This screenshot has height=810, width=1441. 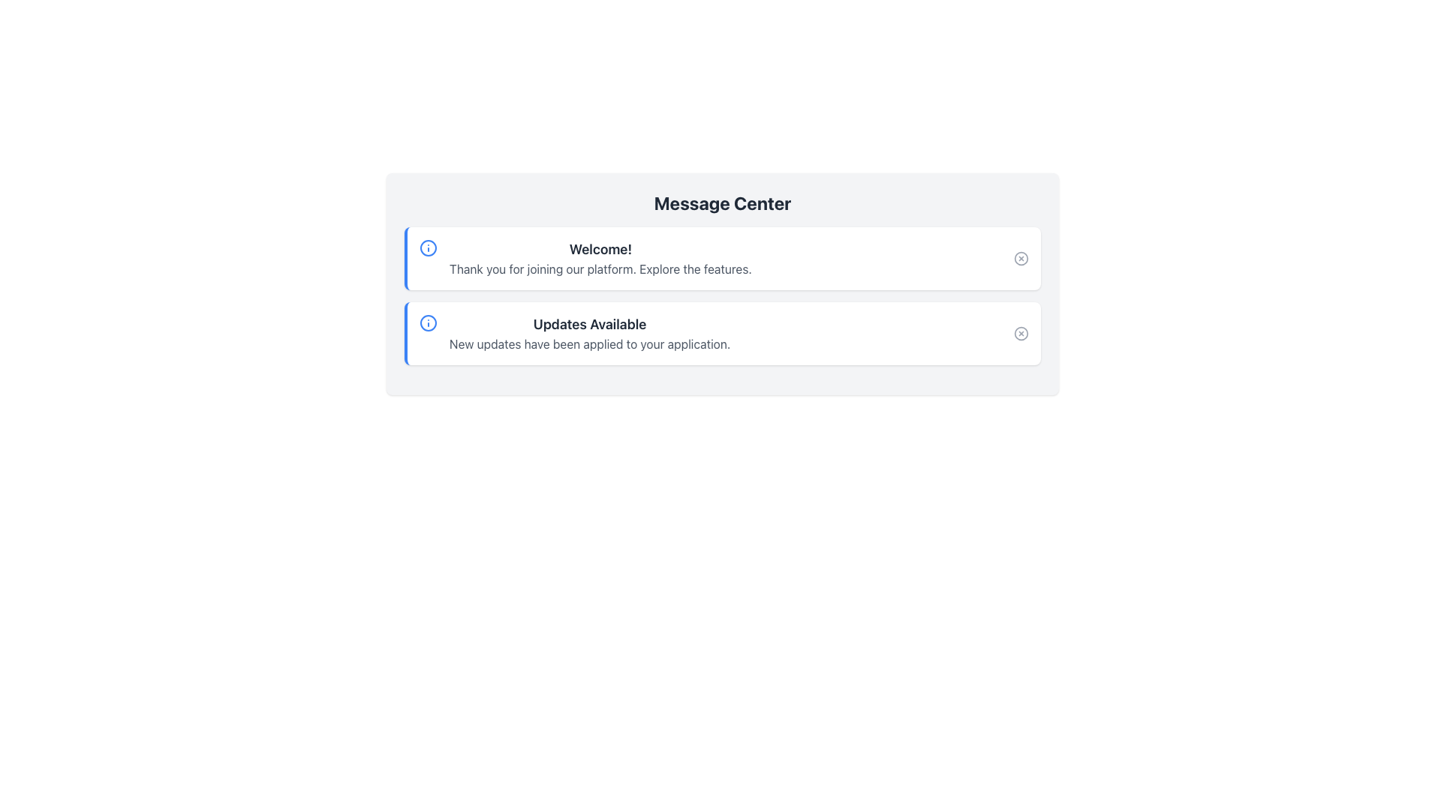 What do you see at coordinates (1021, 257) in the screenshot?
I see `the close button located at the top-right corner of the 'Welcome!' message box` at bounding box center [1021, 257].